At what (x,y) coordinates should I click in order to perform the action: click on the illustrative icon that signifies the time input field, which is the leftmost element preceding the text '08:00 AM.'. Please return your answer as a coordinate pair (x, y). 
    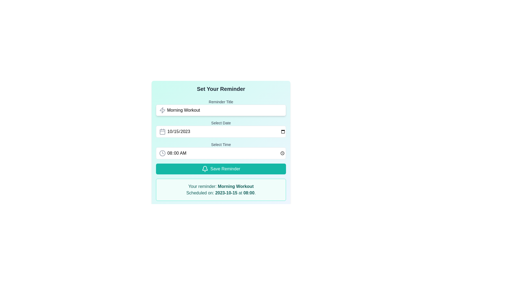
    Looking at the image, I should click on (162, 153).